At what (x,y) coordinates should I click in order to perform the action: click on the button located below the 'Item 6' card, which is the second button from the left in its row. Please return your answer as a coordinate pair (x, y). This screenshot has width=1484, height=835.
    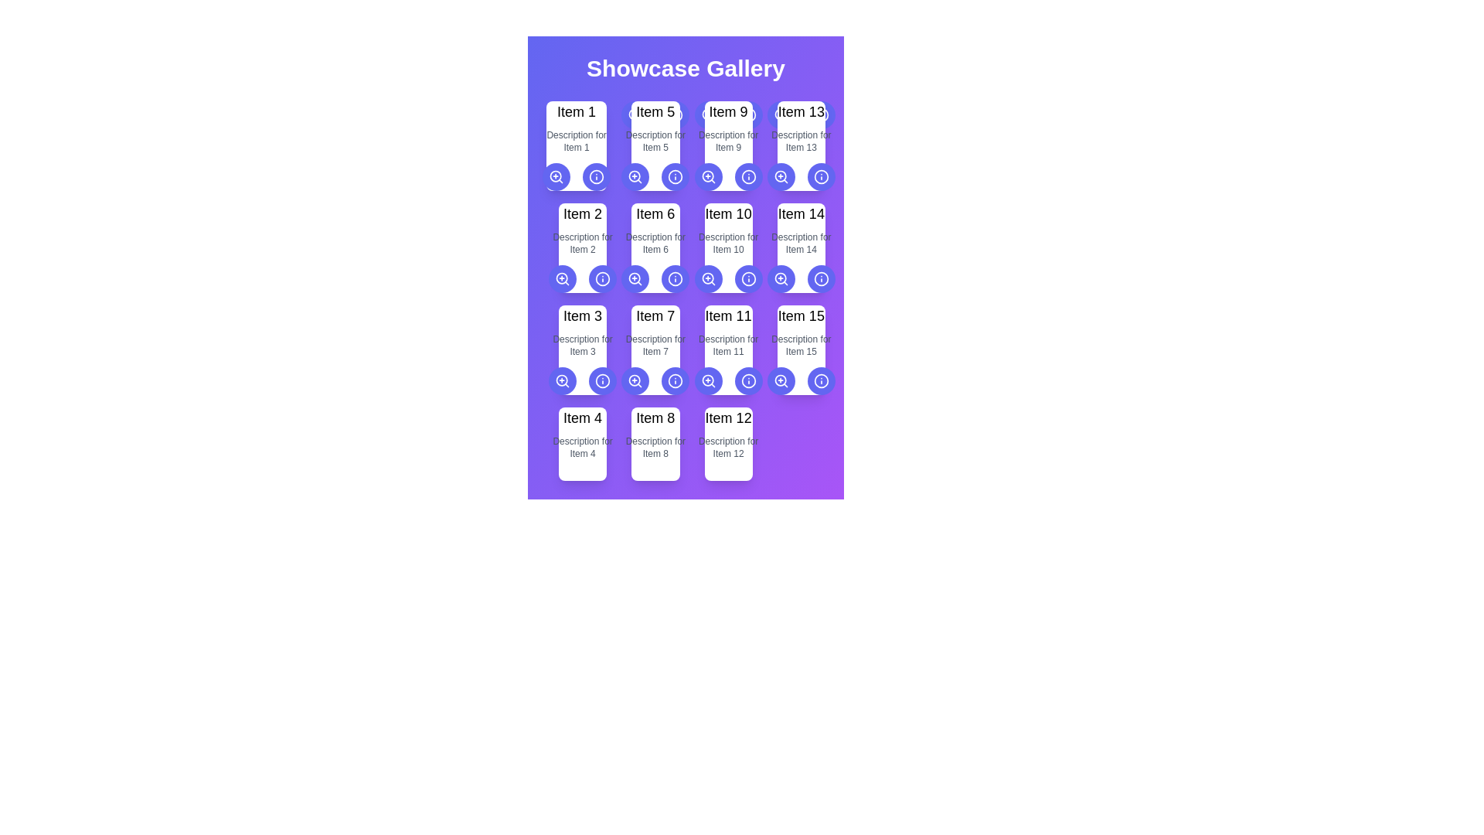
    Looking at the image, I should click on (676, 279).